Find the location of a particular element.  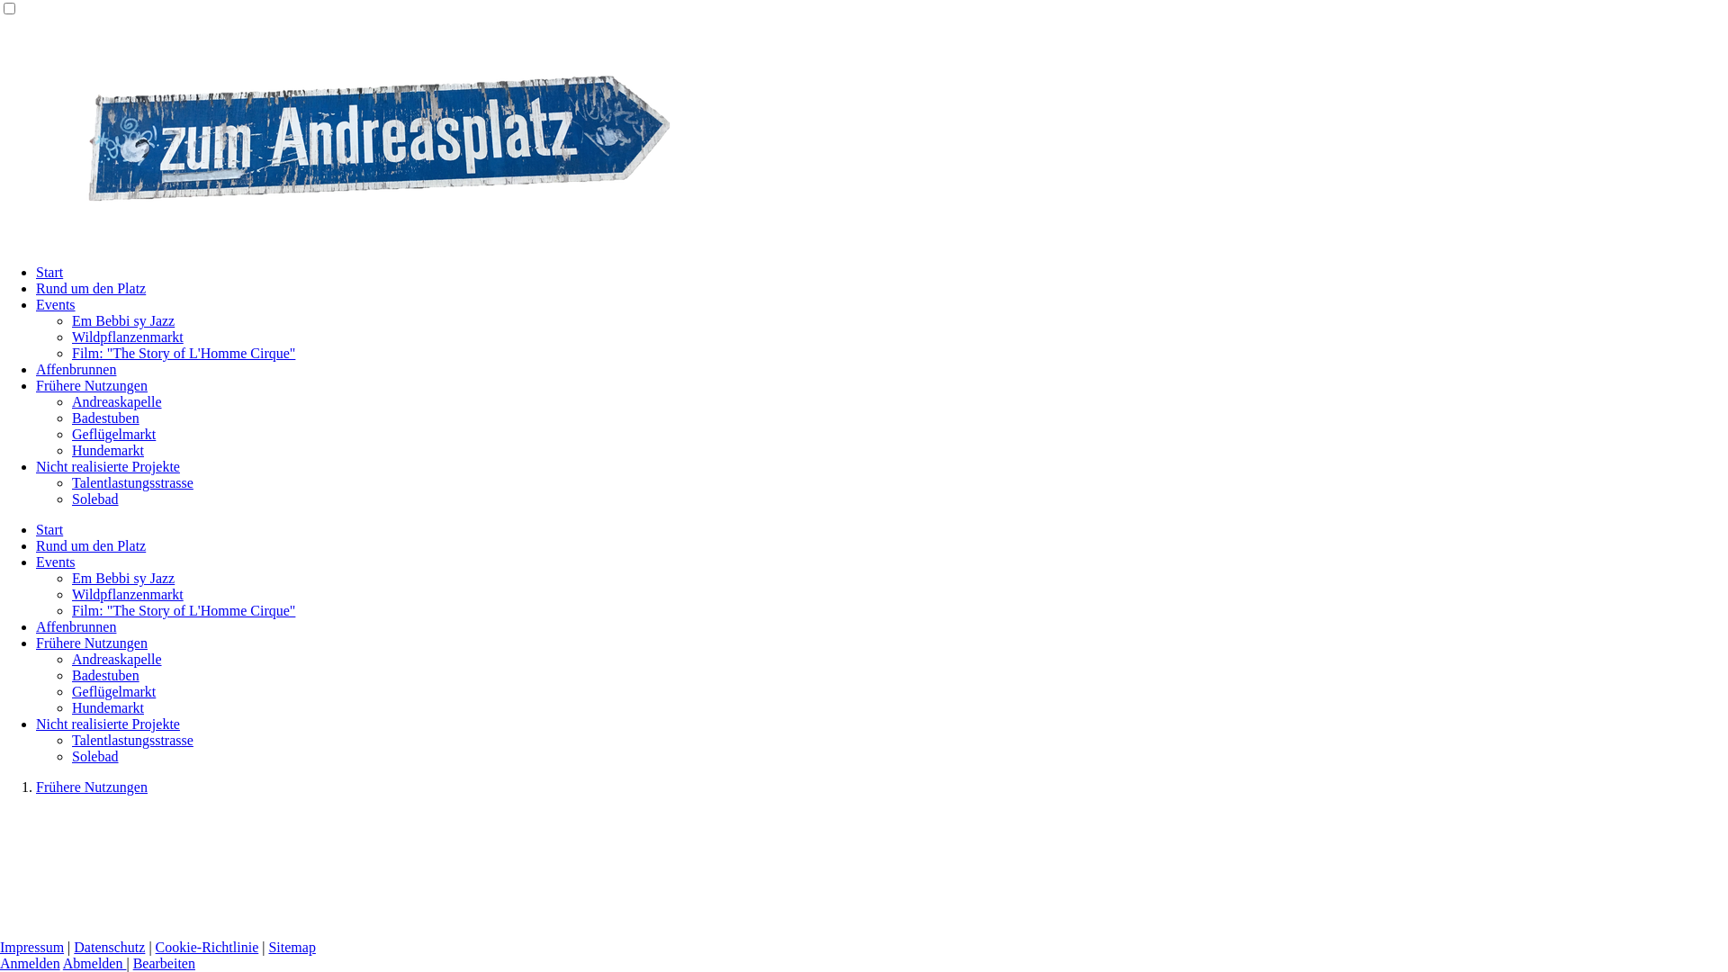

'Impressum' is located at coordinates (31, 946).